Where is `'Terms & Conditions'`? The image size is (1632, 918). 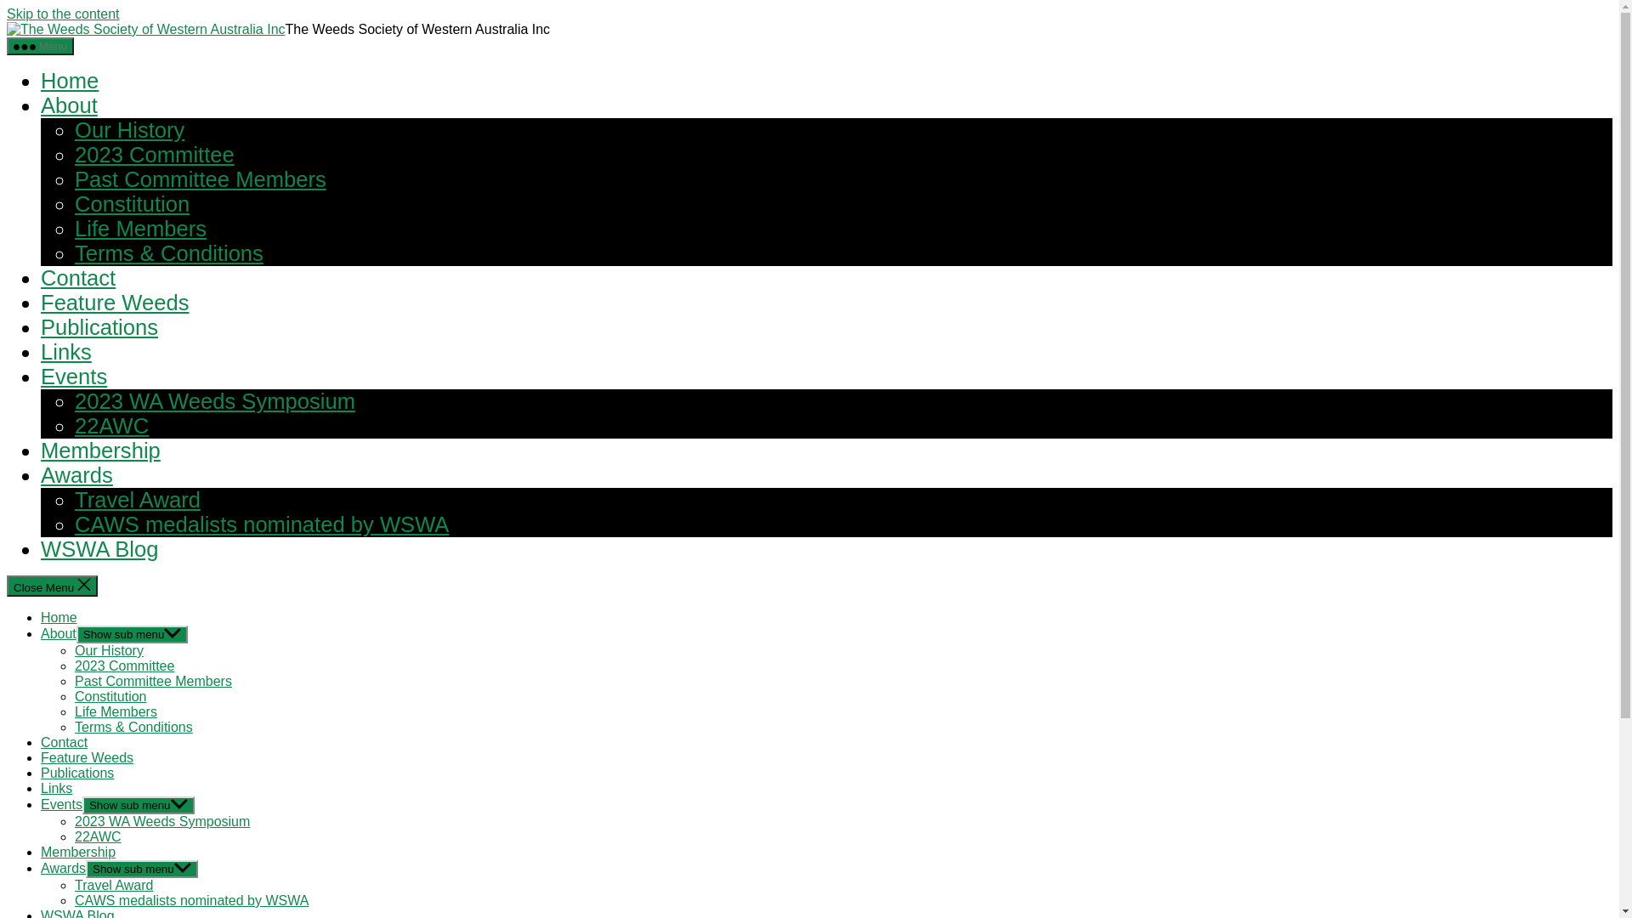
'Terms & Conditions' is located at coordinates (133, 727).